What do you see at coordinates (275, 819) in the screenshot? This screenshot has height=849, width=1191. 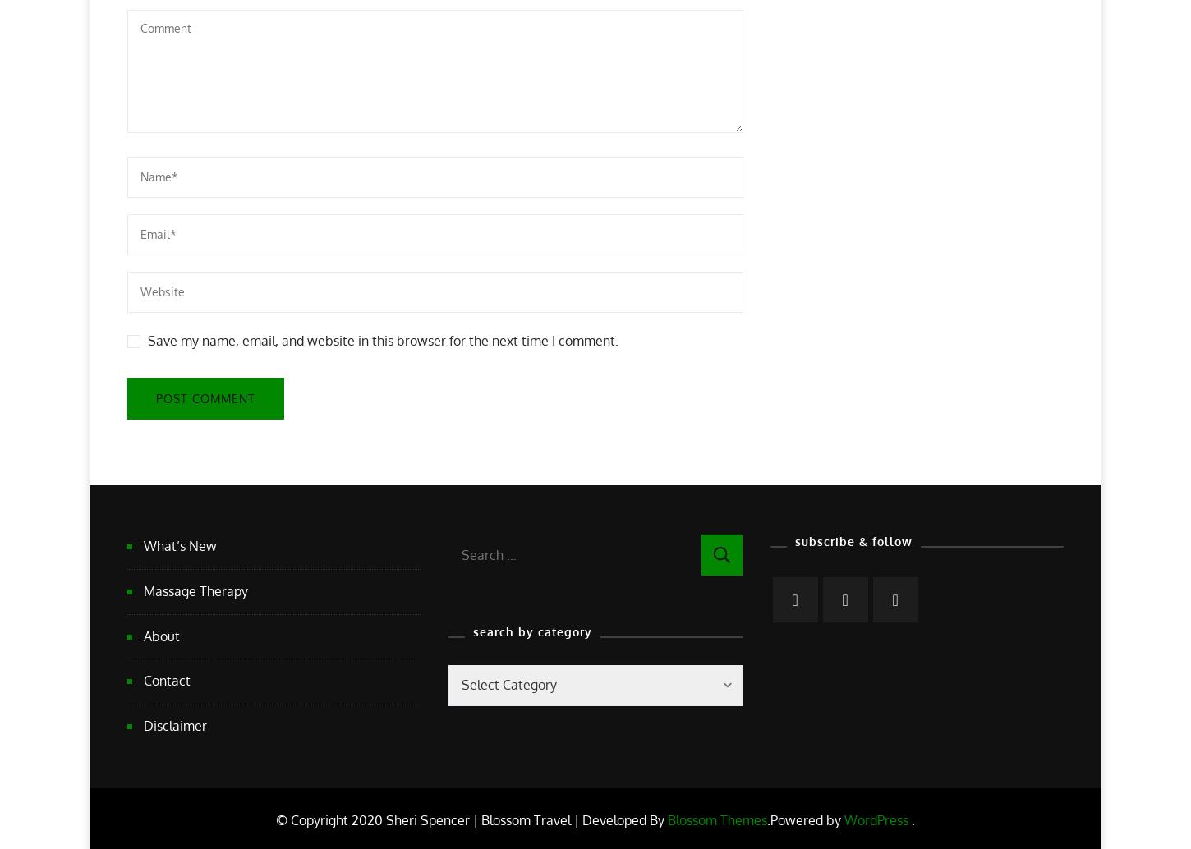 I see `'© Copyright 2020 Sheri Spencer |'` at bounding box center [275, 819].